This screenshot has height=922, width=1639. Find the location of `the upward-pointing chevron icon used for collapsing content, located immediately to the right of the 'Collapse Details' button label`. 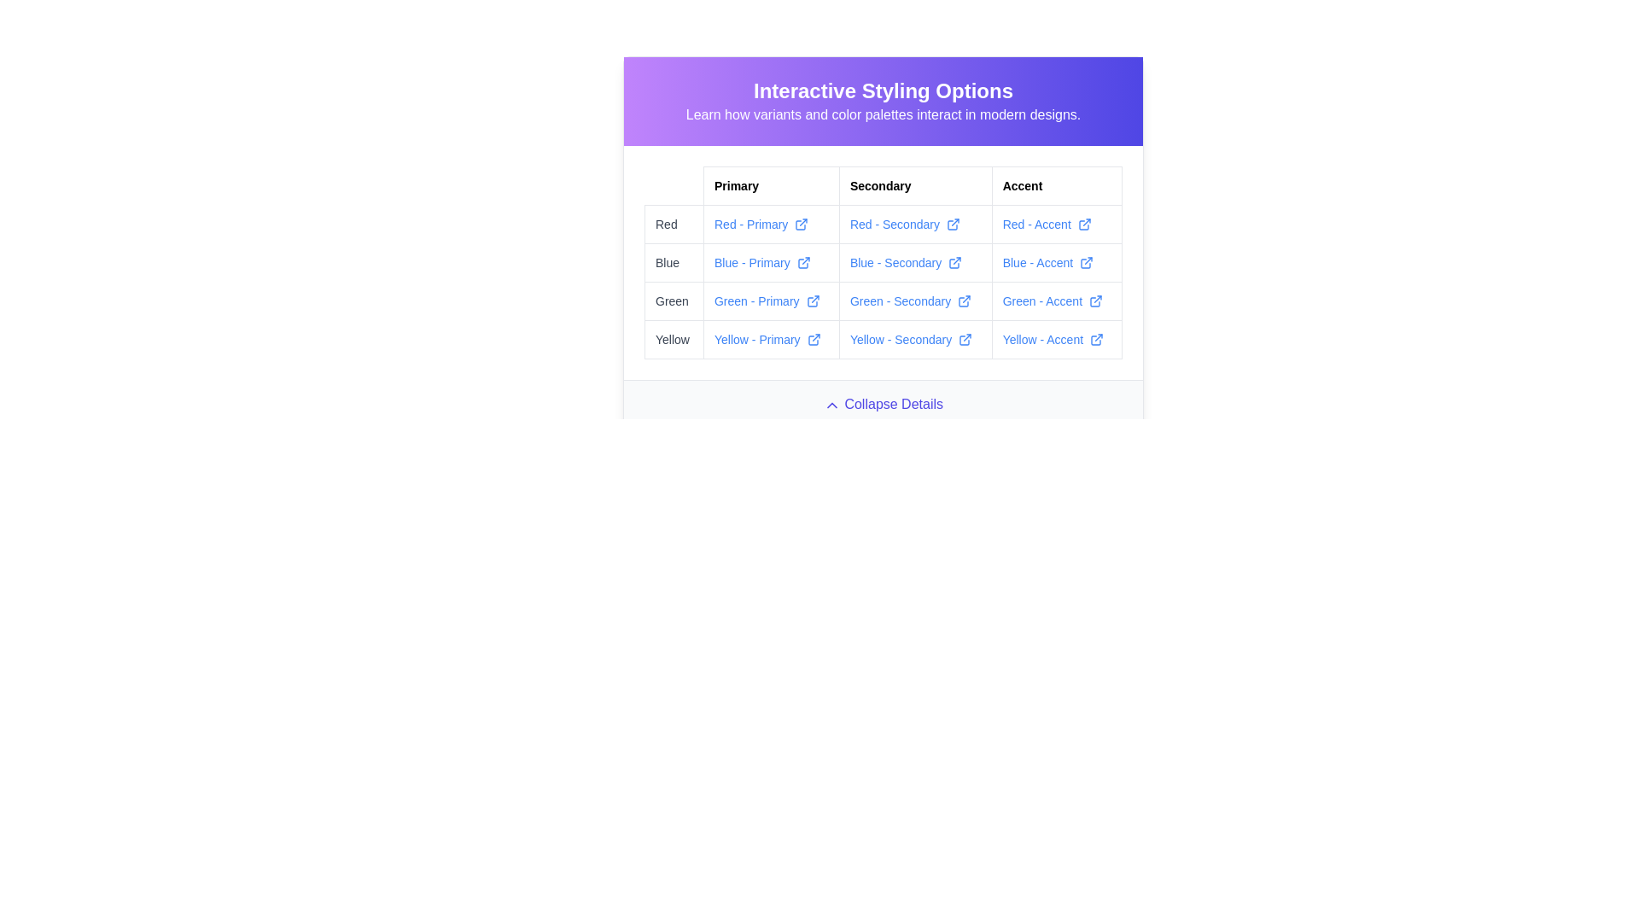

the upward-pointing chevron icon used for collapsing content, located immediately to the right of the 'Collapse Details' button label is located at coordinates (831, 405).